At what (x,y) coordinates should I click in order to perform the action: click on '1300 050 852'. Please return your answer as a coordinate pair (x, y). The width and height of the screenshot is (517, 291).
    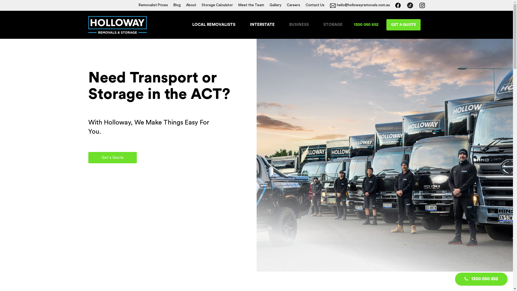
    Looking at the image, I should click on (366, 25).